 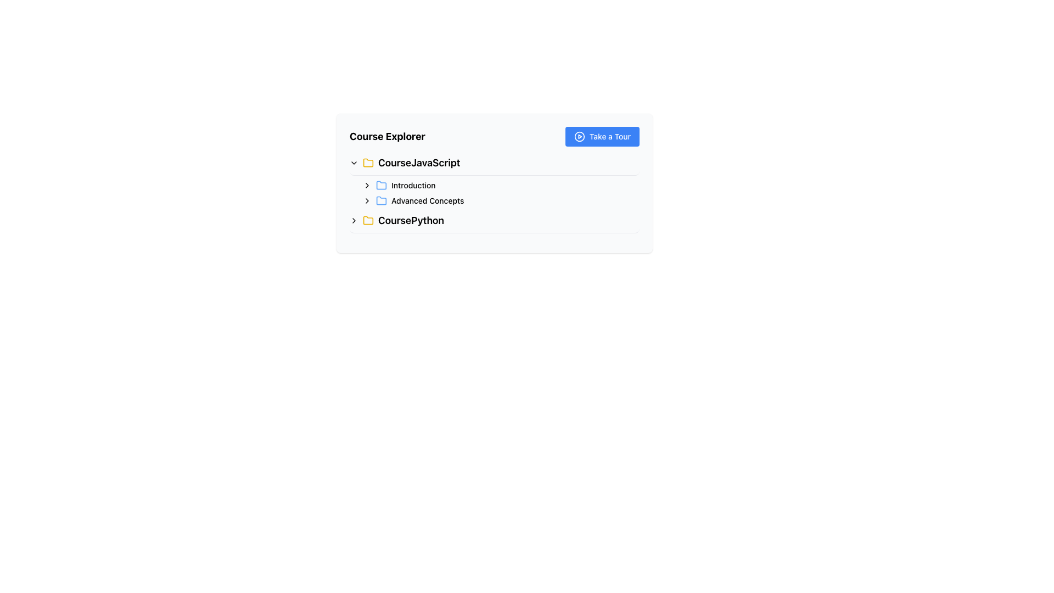 What do you see at coordinates (387, 136) in the screenshot?
I see `the static text label that serves as the title for the section indicating the content related to exploring courses, located above the hierarchical directory structure and to the left of the 'Take a Tour' button` at bounding box center [387, 136].